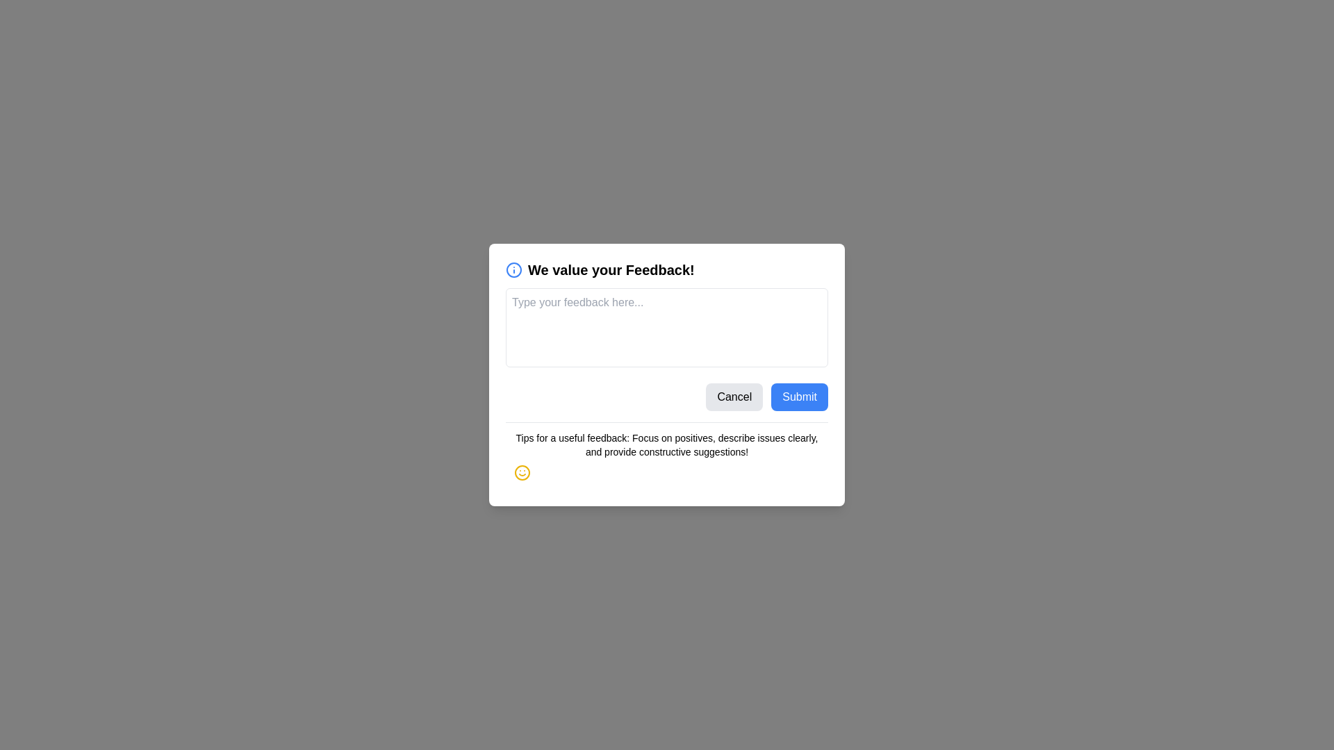 The image size is (1334, 750). I want to click on the 'Cancel' button to close the form, so click(733, 397).